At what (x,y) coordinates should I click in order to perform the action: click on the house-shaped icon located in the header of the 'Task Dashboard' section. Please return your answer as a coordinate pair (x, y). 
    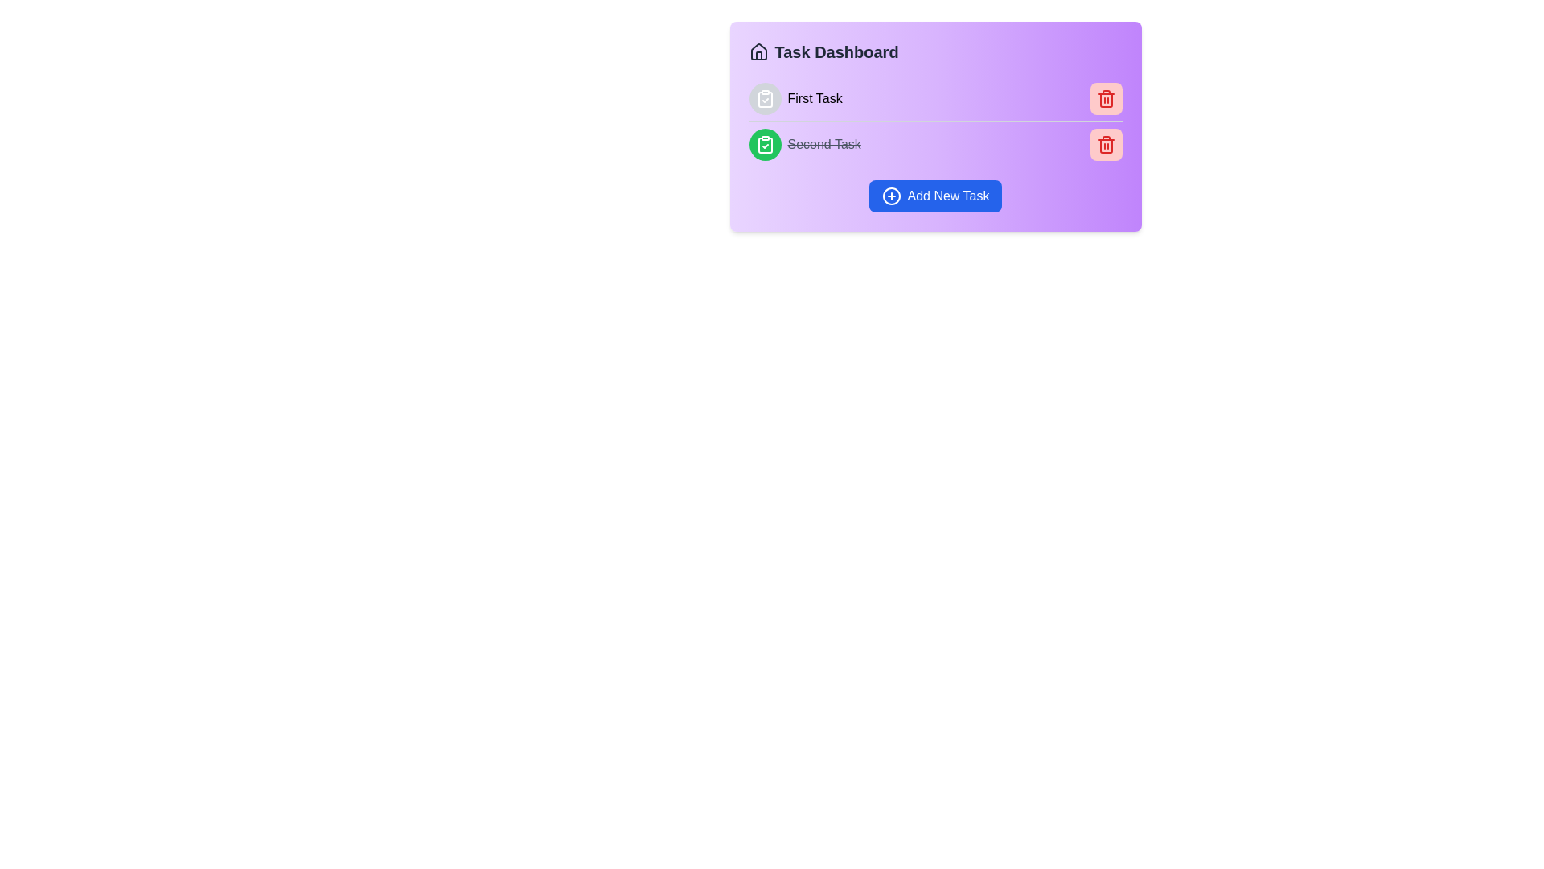
    Looking at the image, I should click on (758, 51).